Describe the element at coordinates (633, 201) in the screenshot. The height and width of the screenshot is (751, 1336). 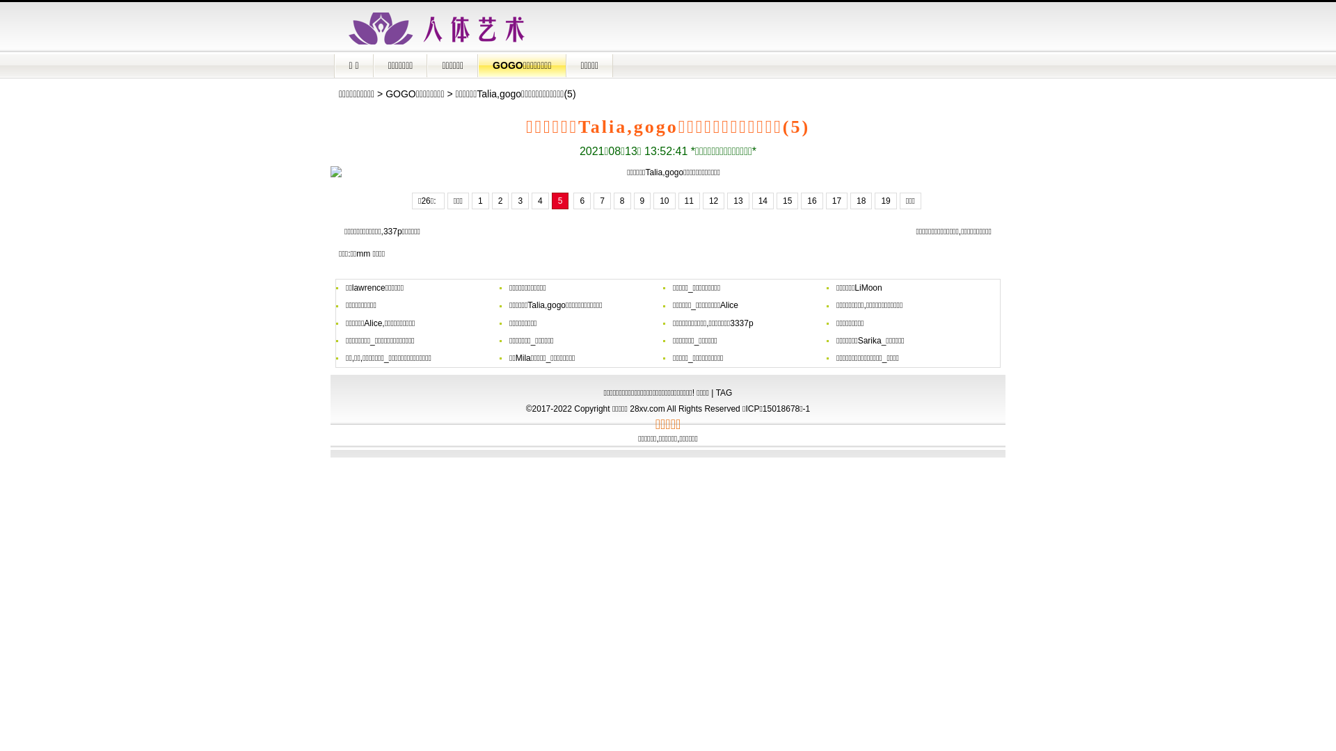
I see `'9'` at that location.